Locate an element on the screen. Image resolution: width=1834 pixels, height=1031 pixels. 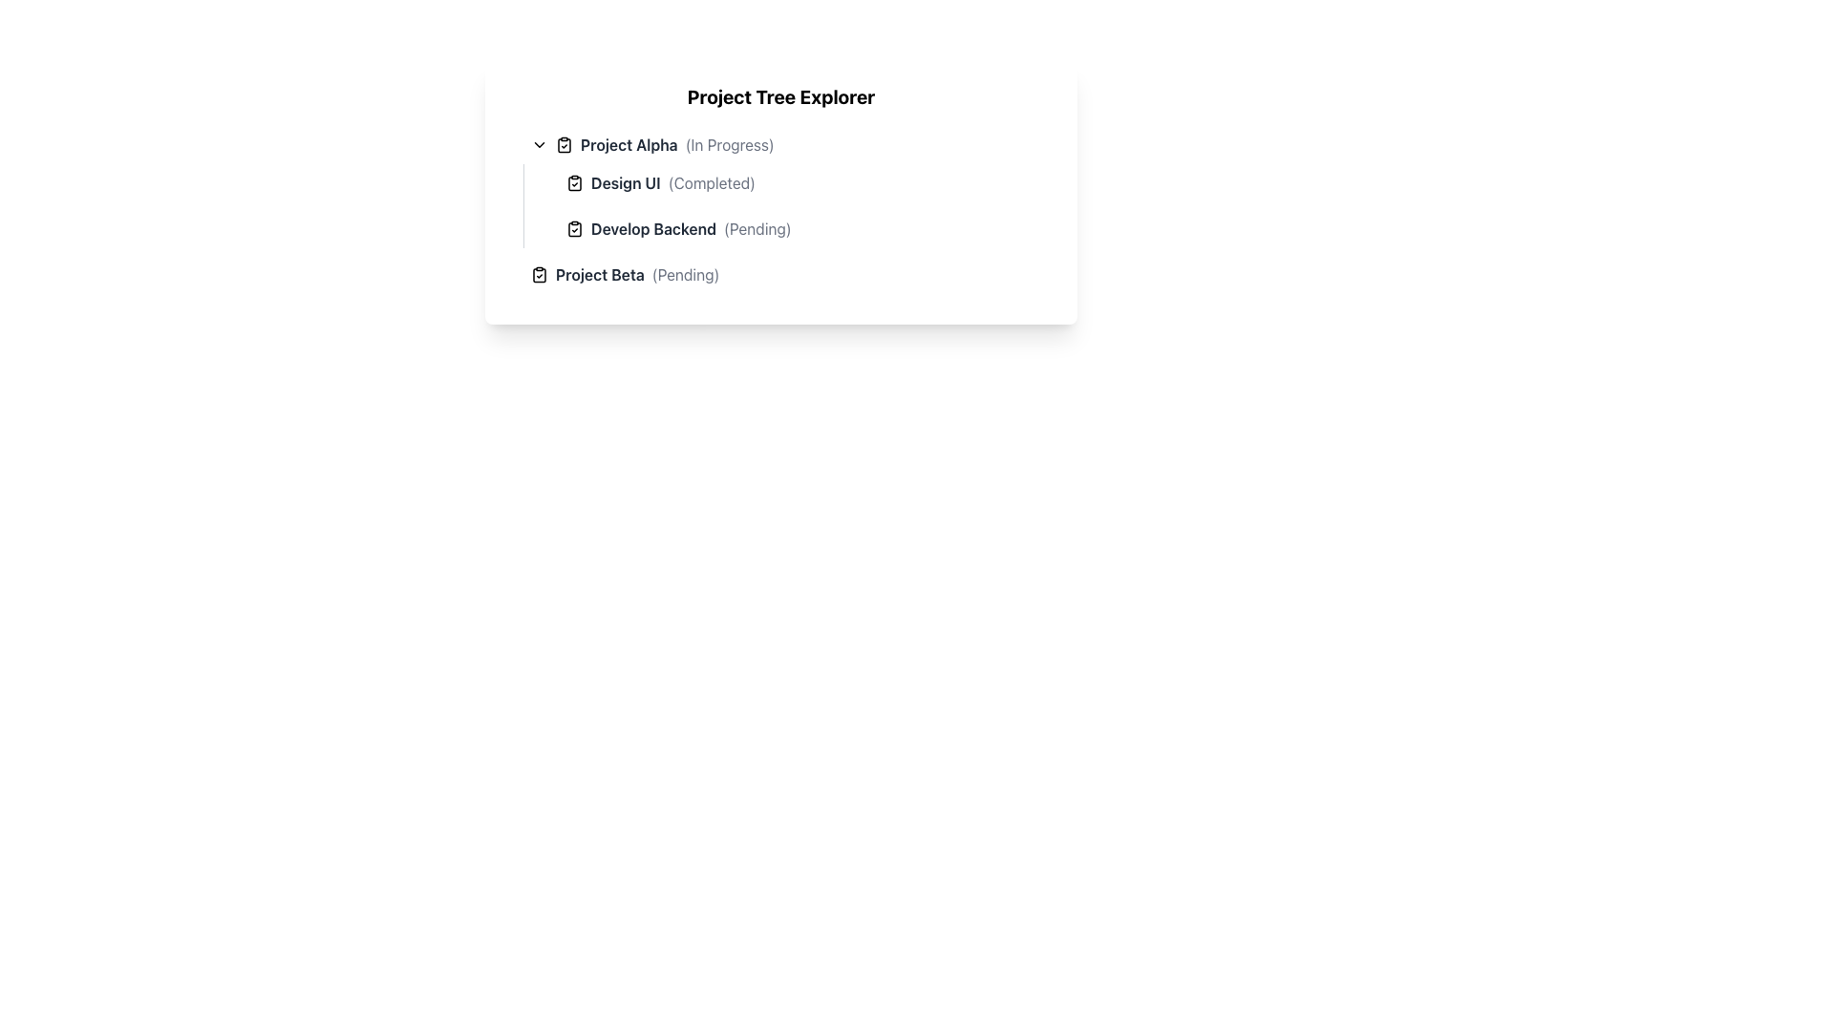
the first list item representing the completed task 'Design UI' under the 'Project Alpha' section is located at coordinates (806, 183).